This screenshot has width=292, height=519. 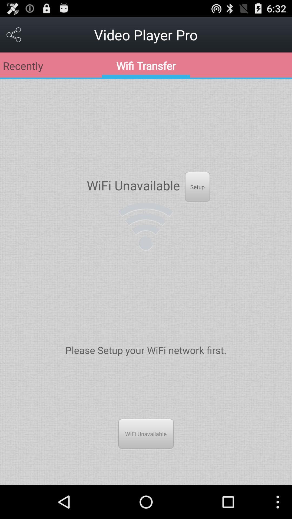 I want to click on app to the left of video player pro icon, so click(x=14, y=34).